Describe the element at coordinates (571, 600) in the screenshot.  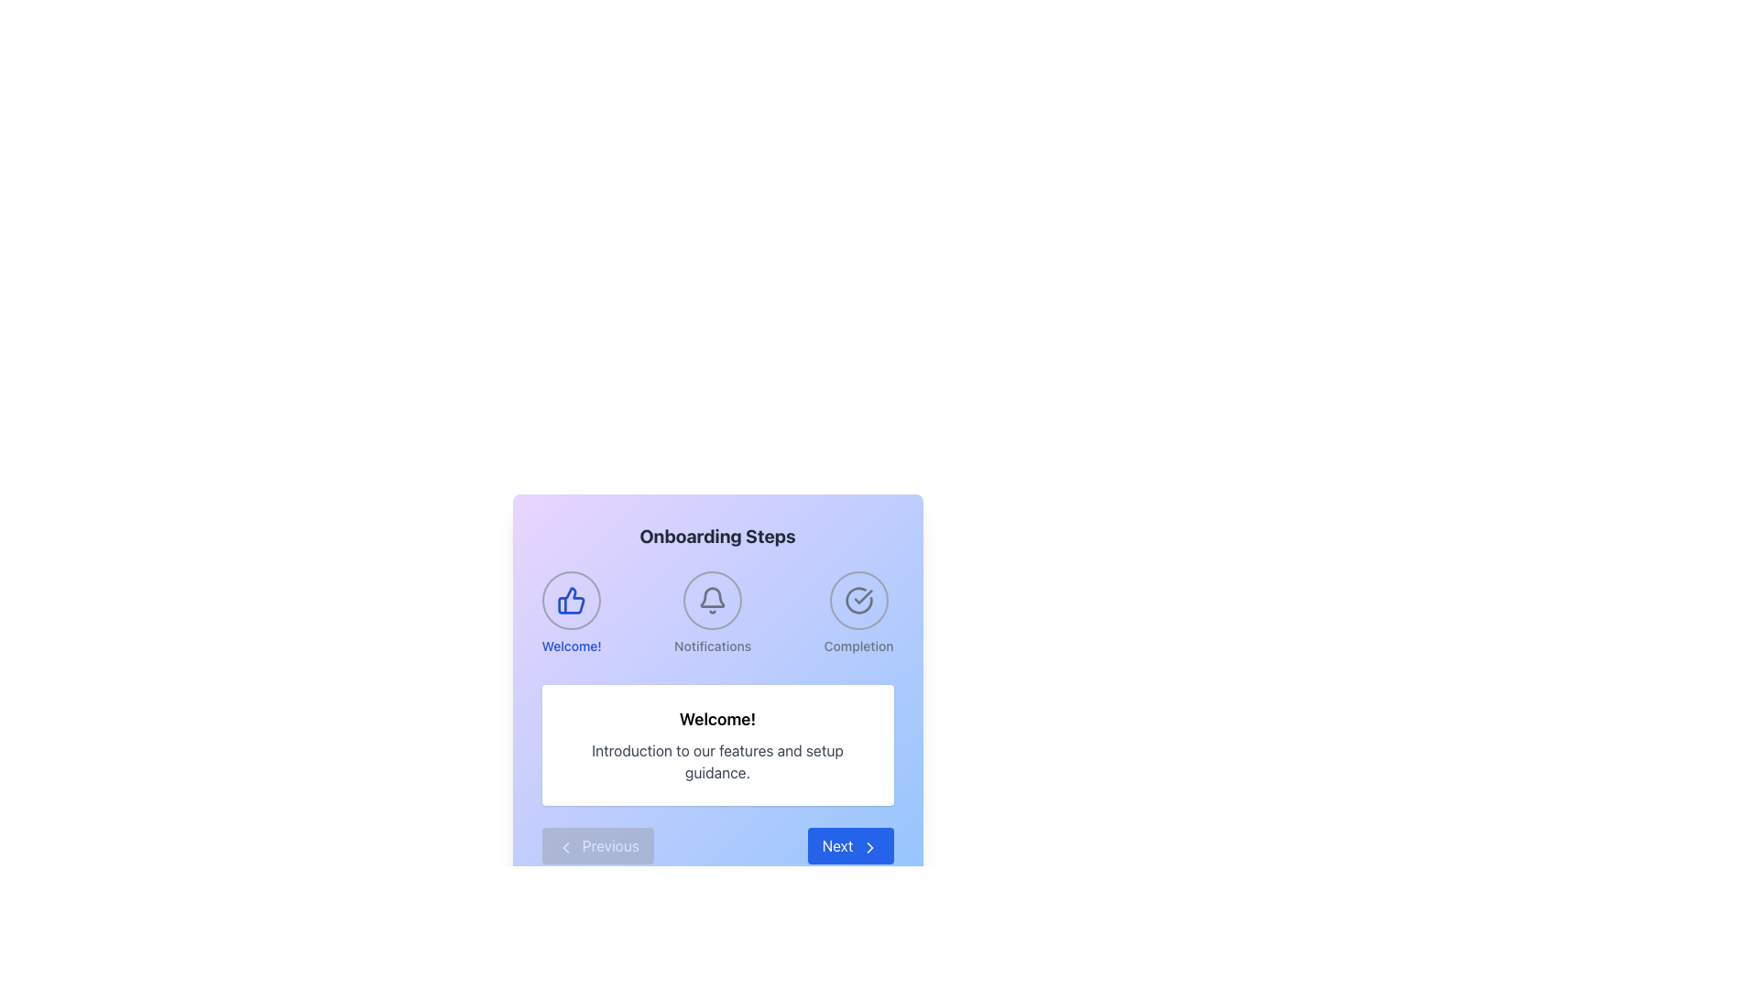
I see `the leftmost circular icon in the 'Onboarding Steps' section` at that location.